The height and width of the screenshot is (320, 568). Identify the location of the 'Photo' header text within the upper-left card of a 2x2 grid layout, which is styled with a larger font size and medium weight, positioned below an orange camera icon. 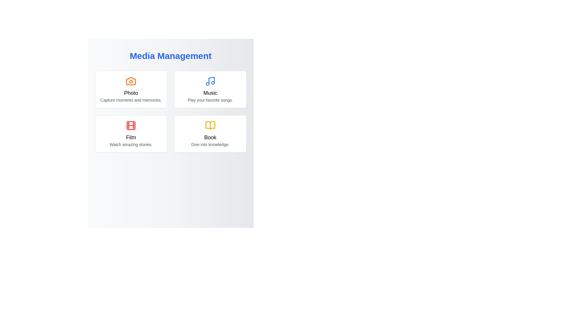
(130, 93).